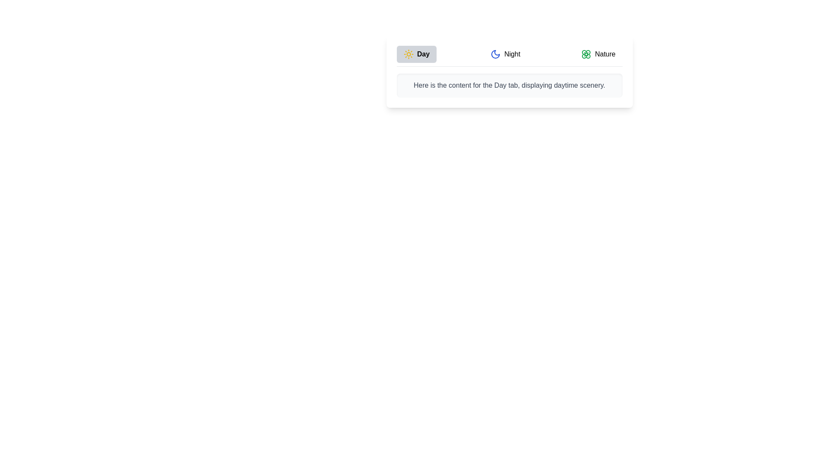 The image size is (821, 462). I want to click on the Nature tab by clicking on its respective button, so click(597, 54).